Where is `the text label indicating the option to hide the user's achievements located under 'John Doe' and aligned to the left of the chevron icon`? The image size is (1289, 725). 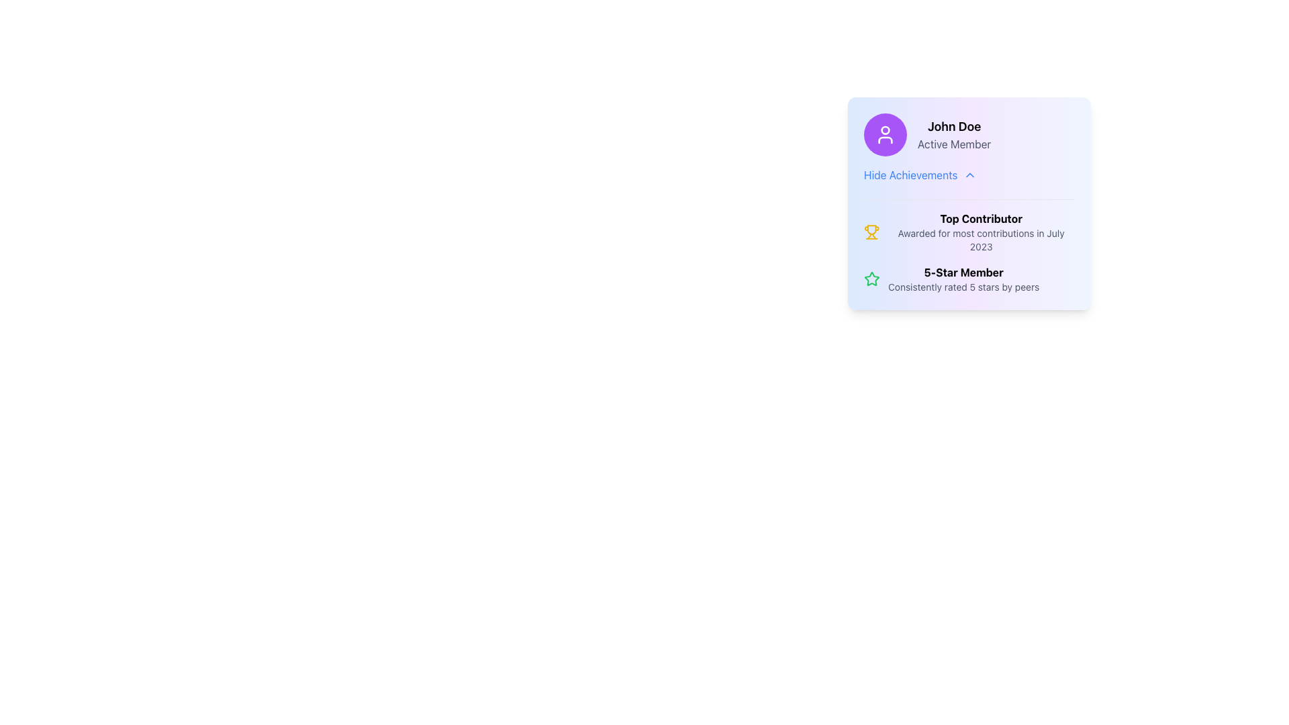 the text label indicating the option to hide the user's achievements located under 'John Doe' and aligned to the left of the chevron icon is located at coordinates (910, 175).